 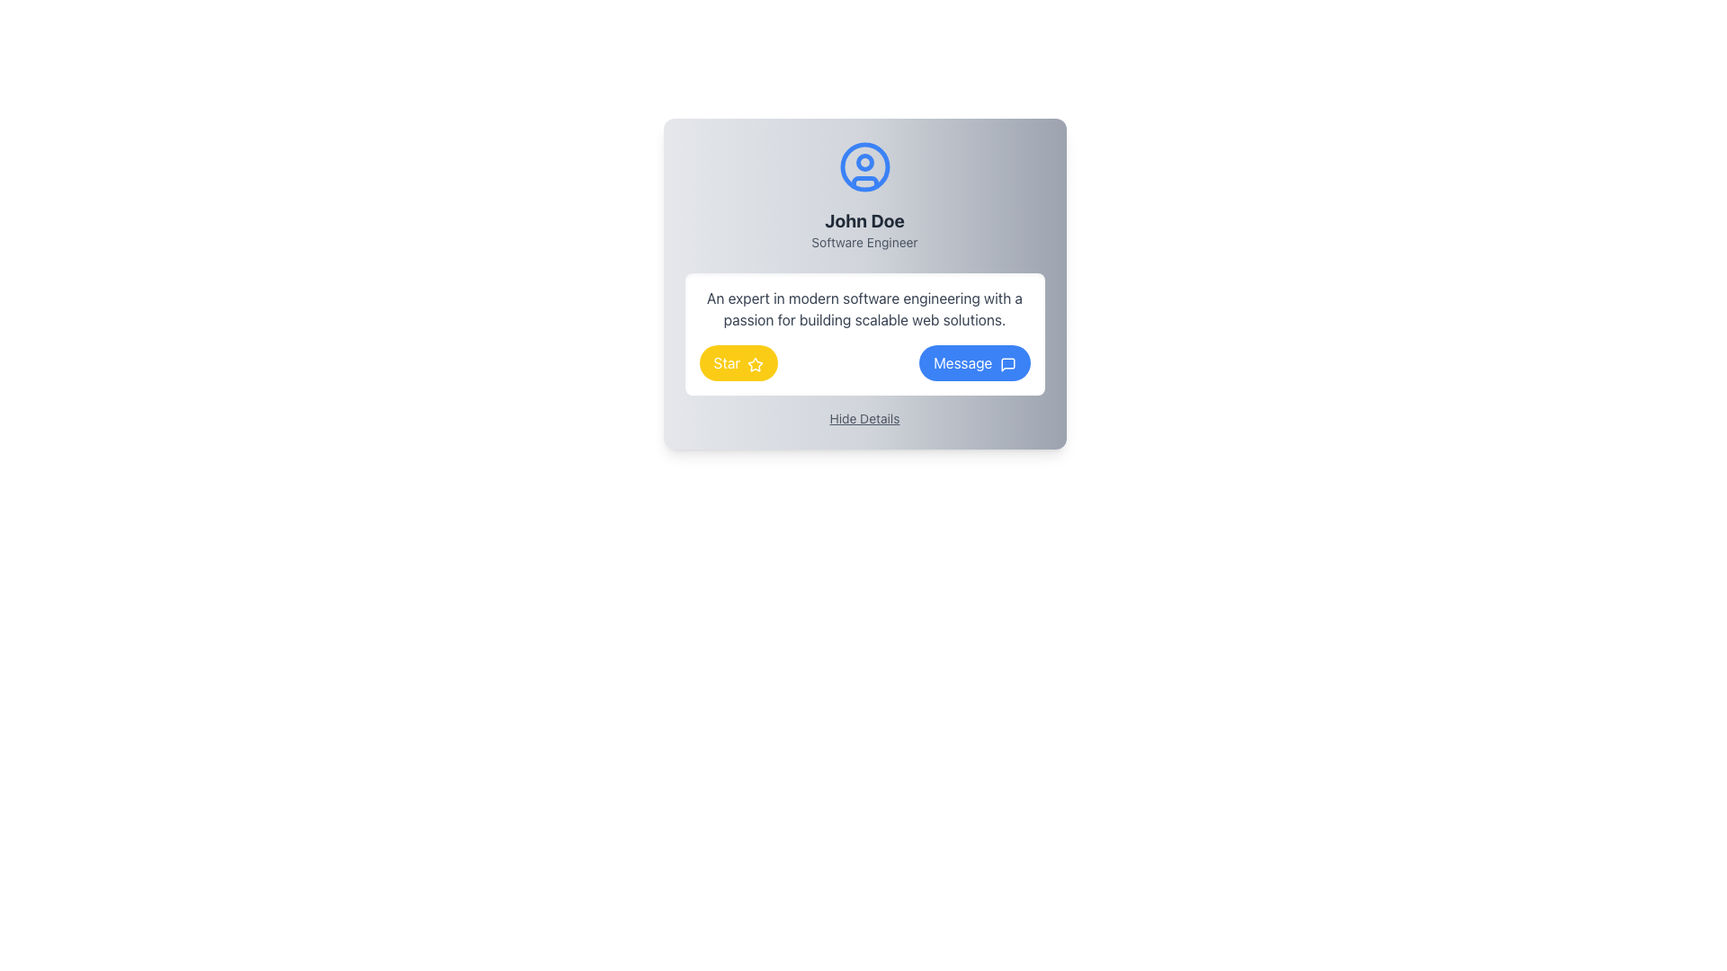 I want to click on text label displaying 'Software Engineer', which is styled in a small, gray font and located below the bold name 'John Doe', so click(x=864, y=243).